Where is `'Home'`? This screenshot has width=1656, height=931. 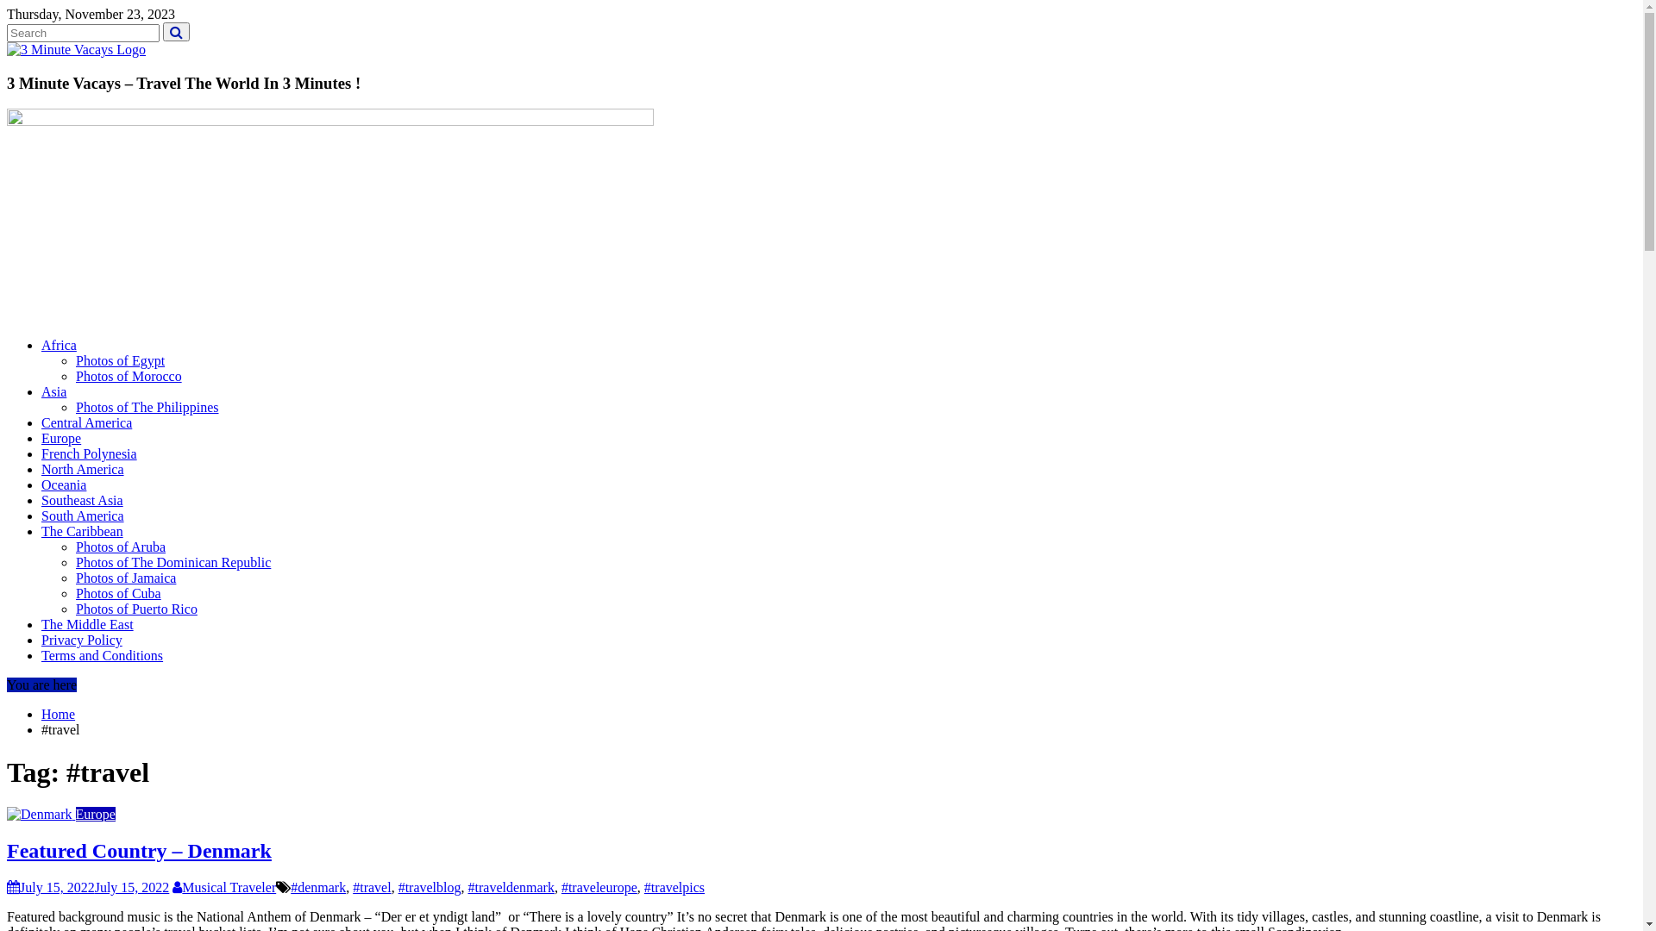
'Home' is located at coordinates (58, 714).